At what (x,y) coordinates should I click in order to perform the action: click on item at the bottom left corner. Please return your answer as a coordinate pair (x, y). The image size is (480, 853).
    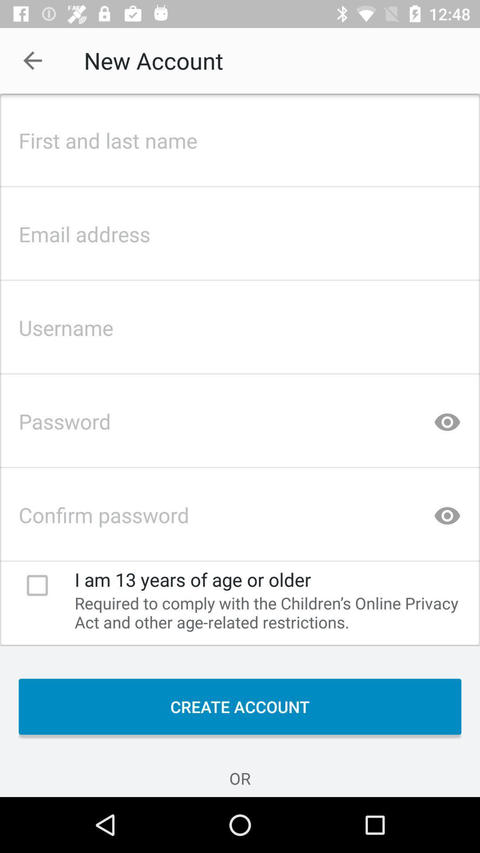
    Looking at the image, I should click on (37, 585).